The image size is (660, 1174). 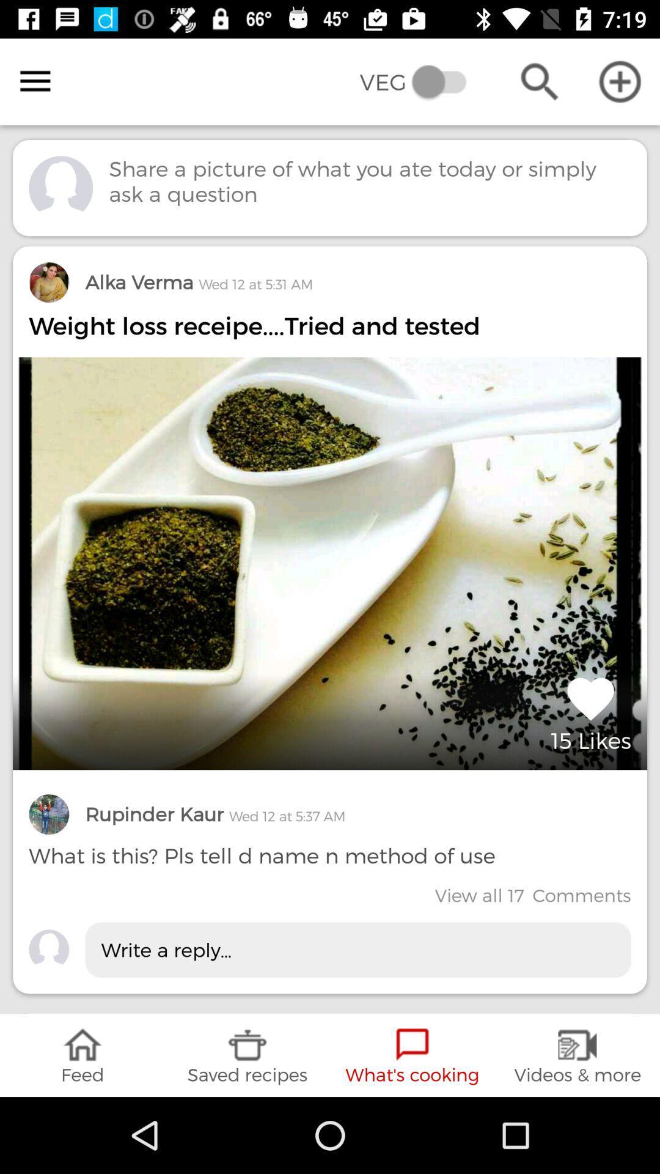 I want to click on the icon below write a reply... item, so click(x=82, y=1055).